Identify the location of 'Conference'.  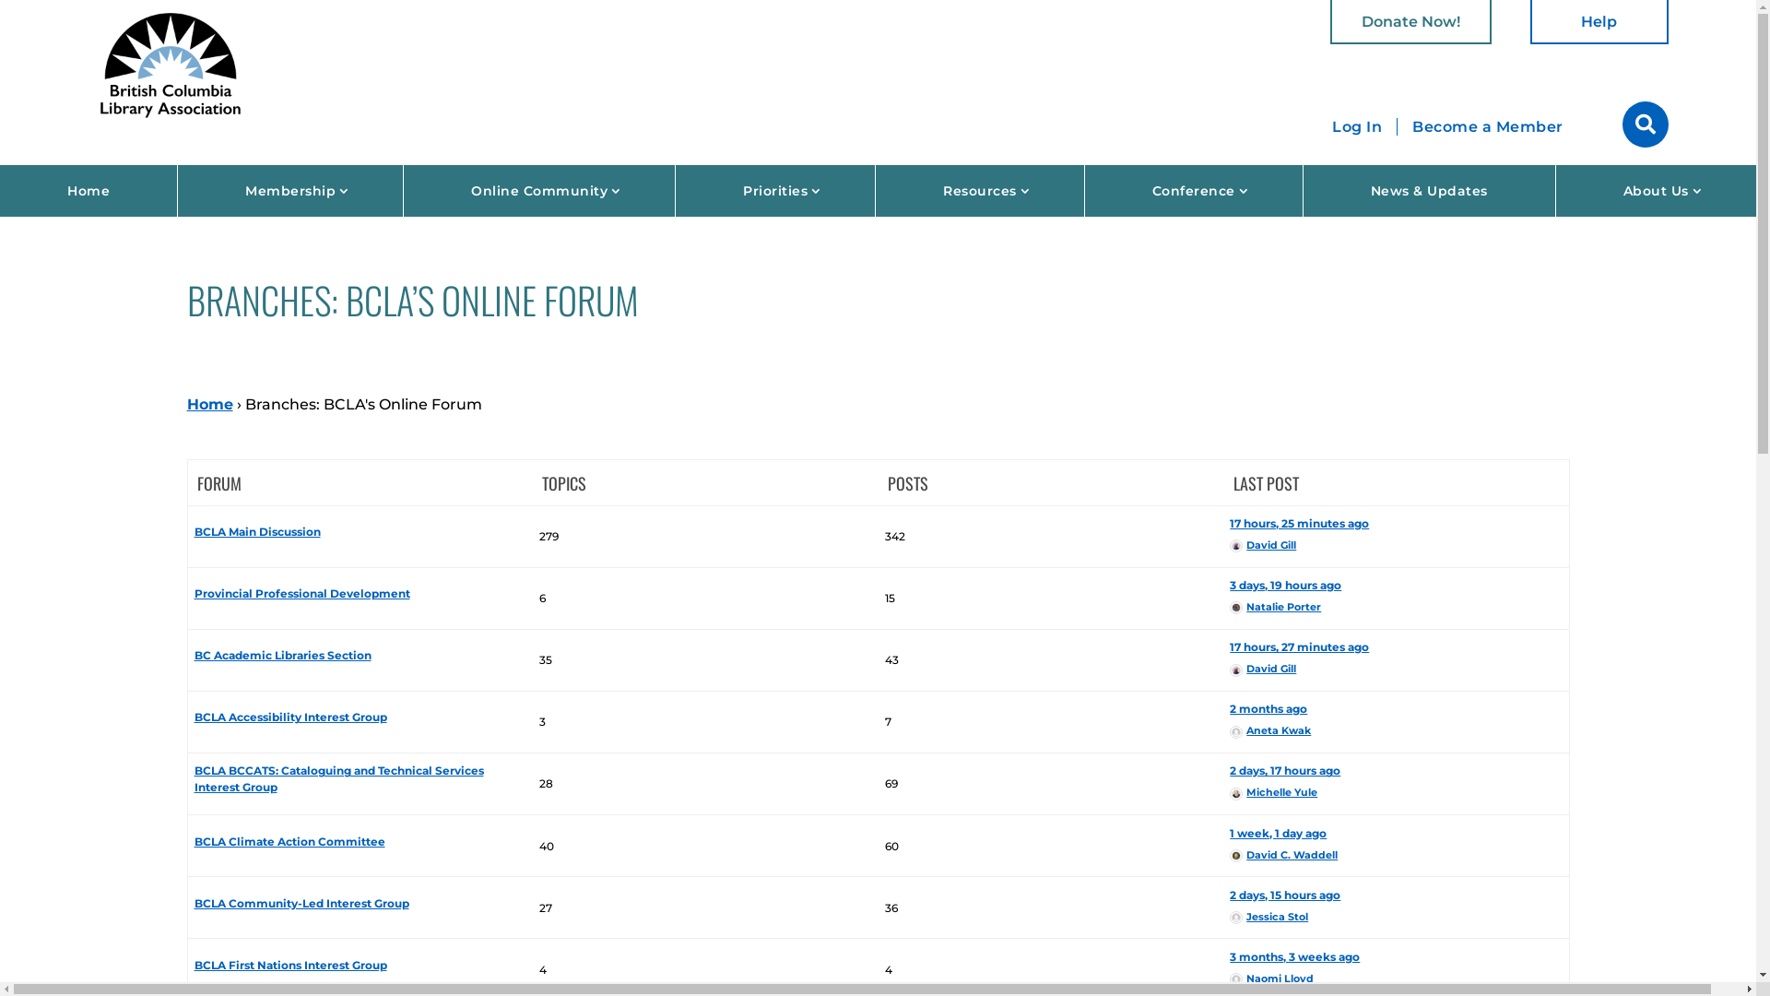
(1084, 191).